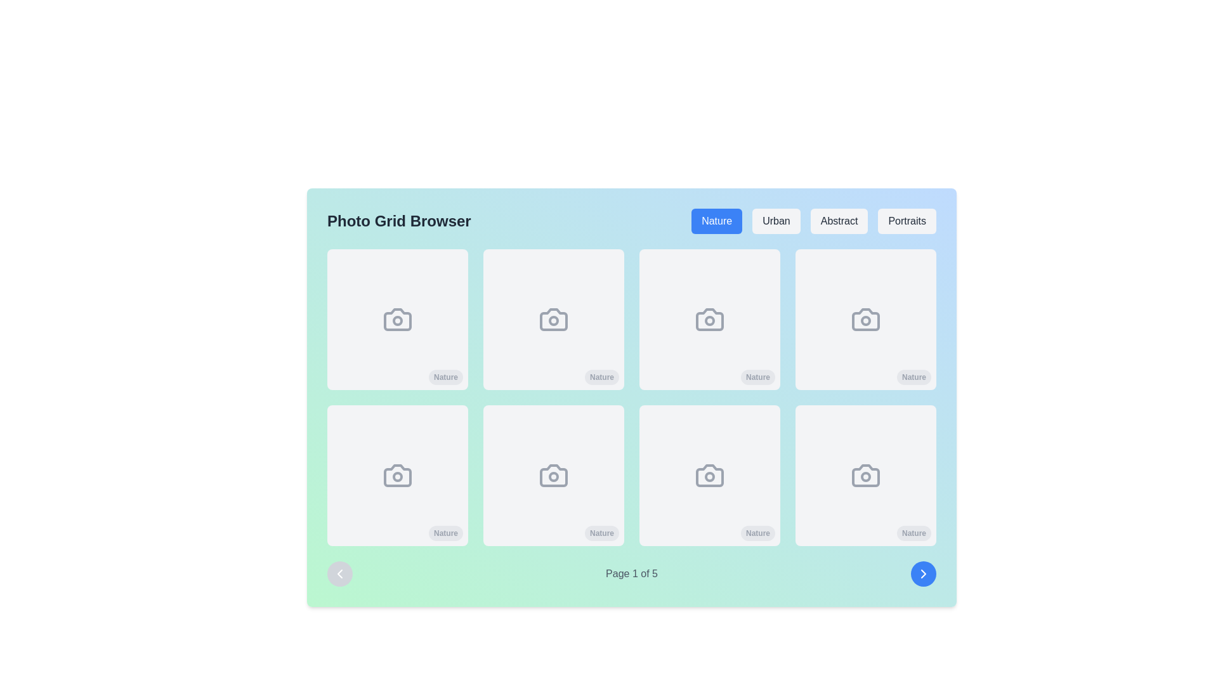 This screenshot has width=1218, height=685. I want to click on the Card element that features a gray camera icon and the text 'Nature' displayed at the bottom right on a small gray rounded badge, so click(865, 319).